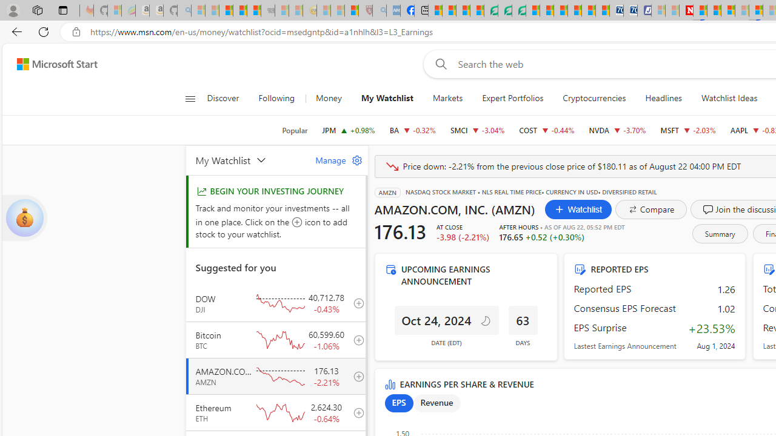  What do you see at coordinates (518, 10) in the screenshot?
I see `'Microsoft Word - consumer-privacy address update 2.2021'` at bounding box center [518, 10].